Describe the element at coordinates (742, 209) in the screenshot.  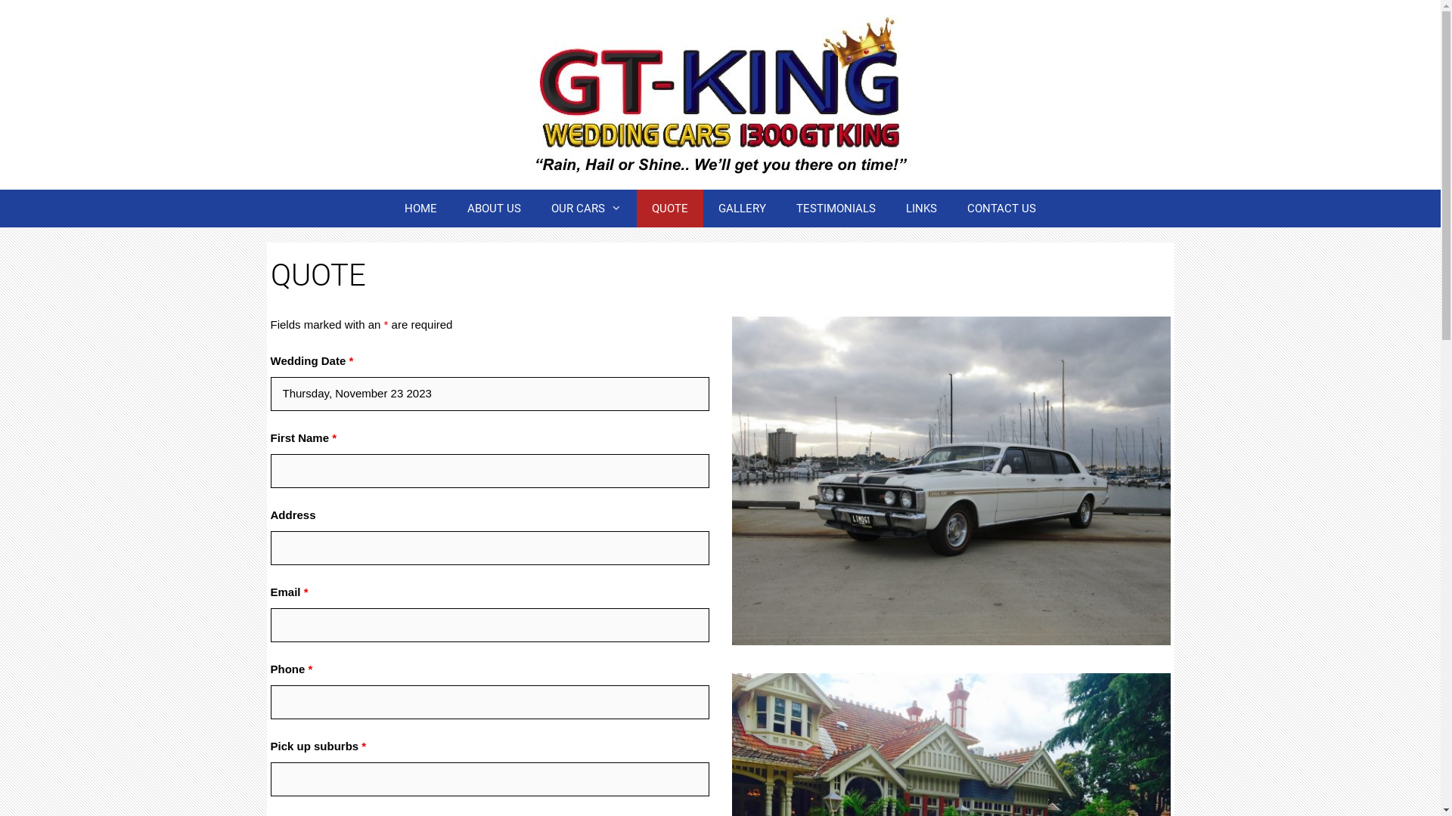
I see `'GALLERY'` at that location.